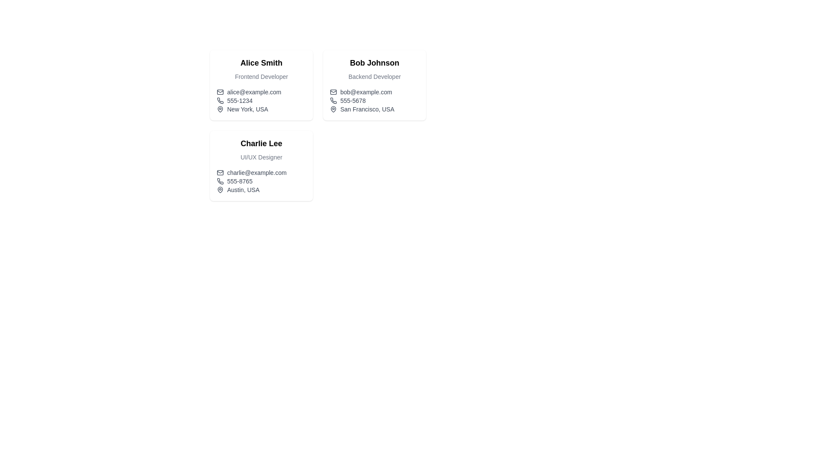 The width and height of the screenshot is (823, 463). Describe the element at coordinates (220, 108) in the screenshot. I see `the position of the map pin icon located to the left of the text 'New York, USA' in the contact card of 'Alice Smith'` at that location.